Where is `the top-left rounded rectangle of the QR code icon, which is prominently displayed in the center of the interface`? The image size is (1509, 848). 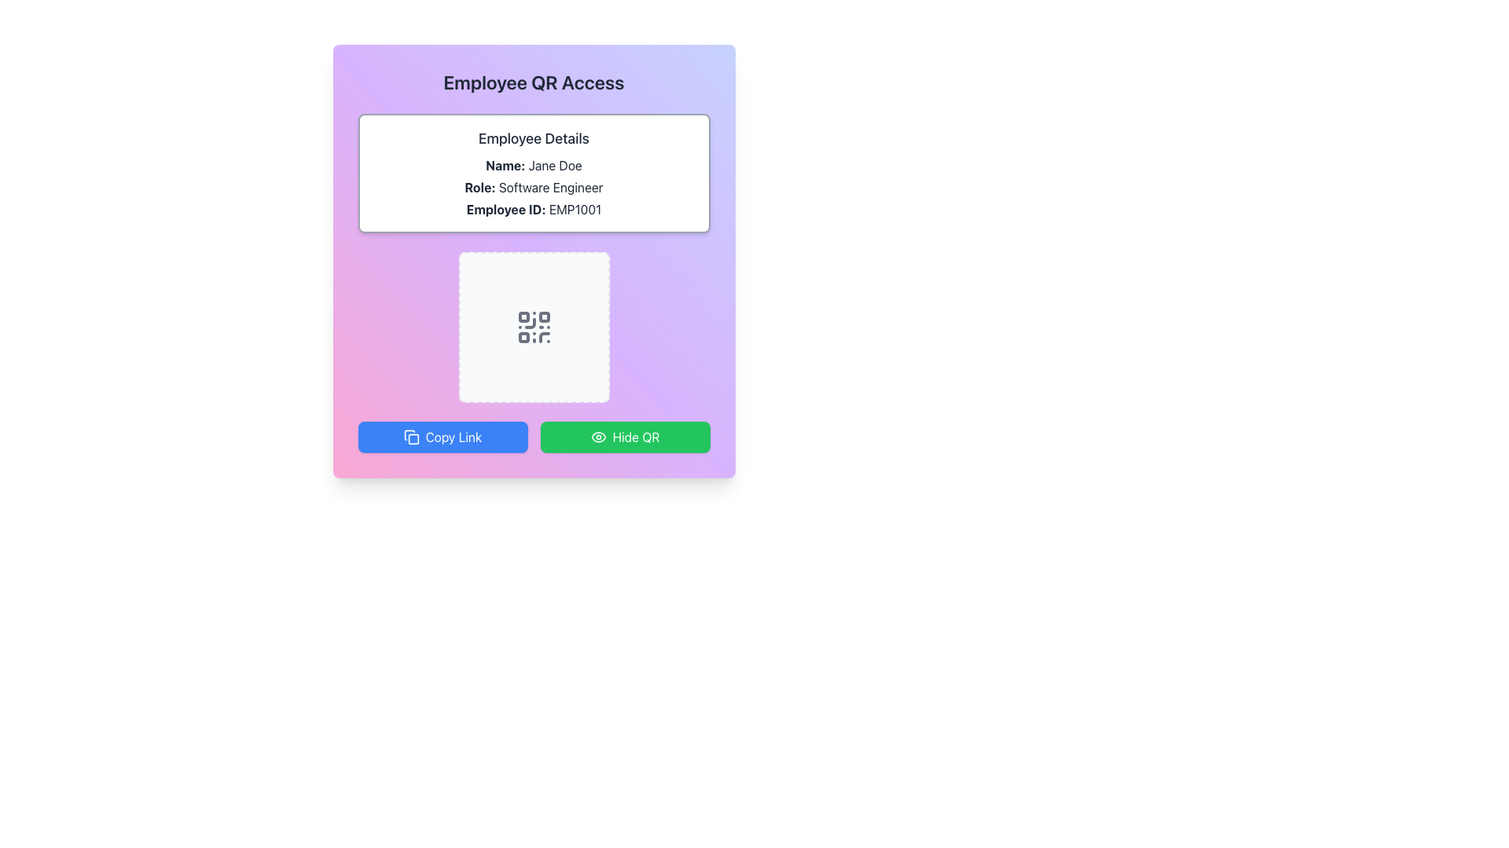 the top-left rounded rectangle of the QR code icon, which is prominently displayed in the center of the interface is located at coordinates (523, 317).